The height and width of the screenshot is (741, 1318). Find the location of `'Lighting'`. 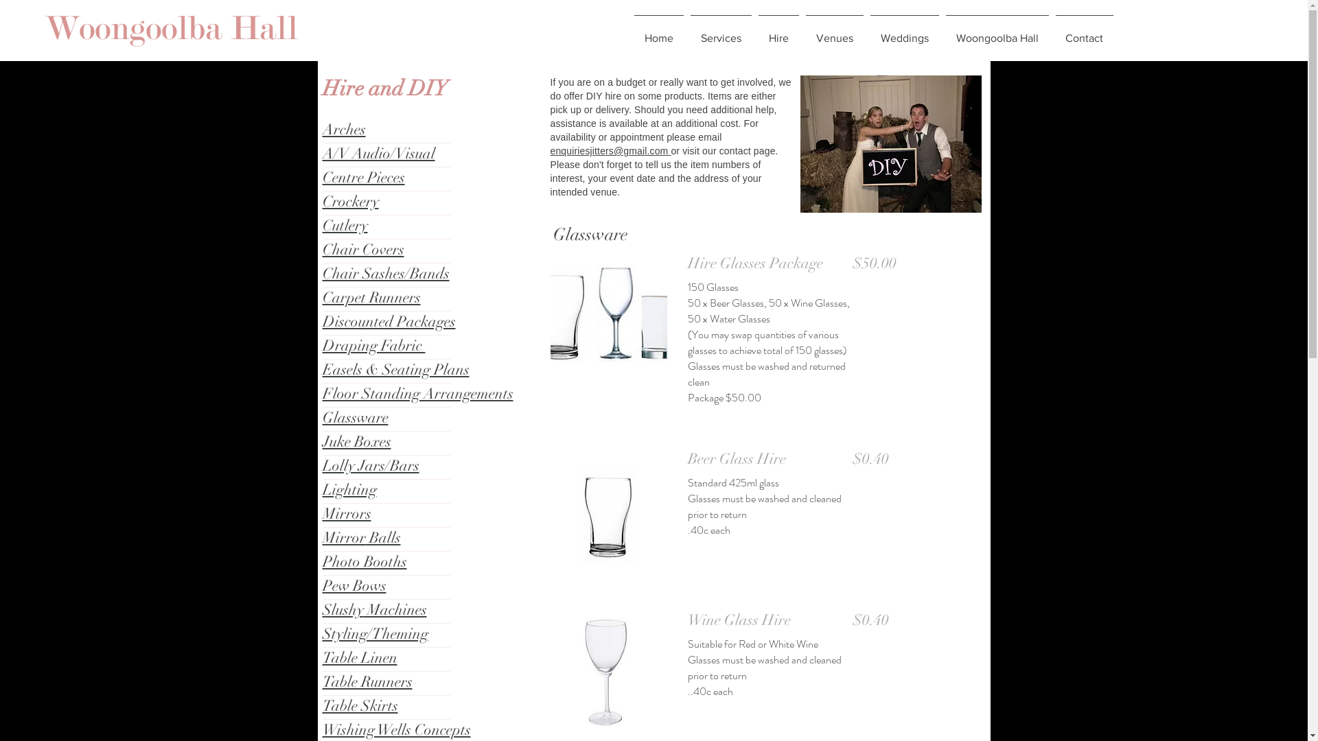

'Lighting' is located at coordinates (349, 489).